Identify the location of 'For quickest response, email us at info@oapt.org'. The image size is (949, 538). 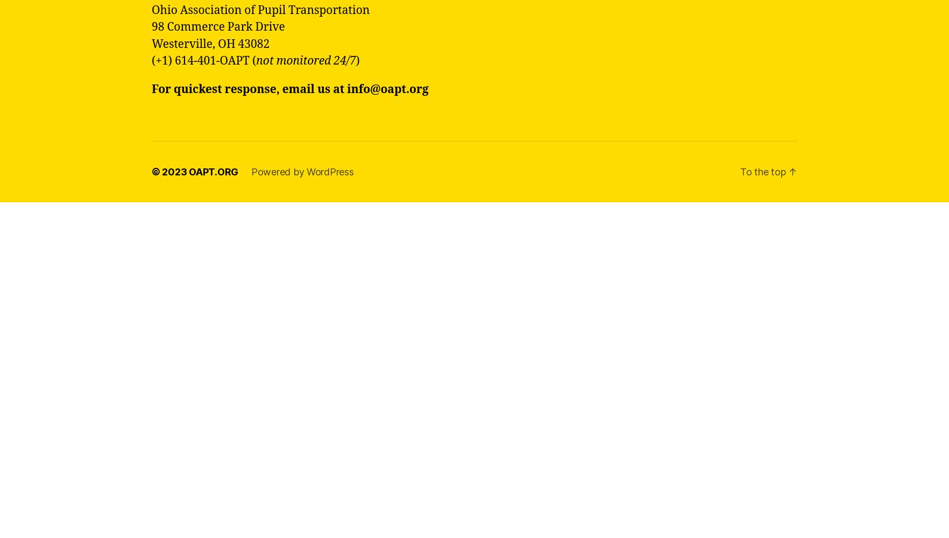
(290, 89).